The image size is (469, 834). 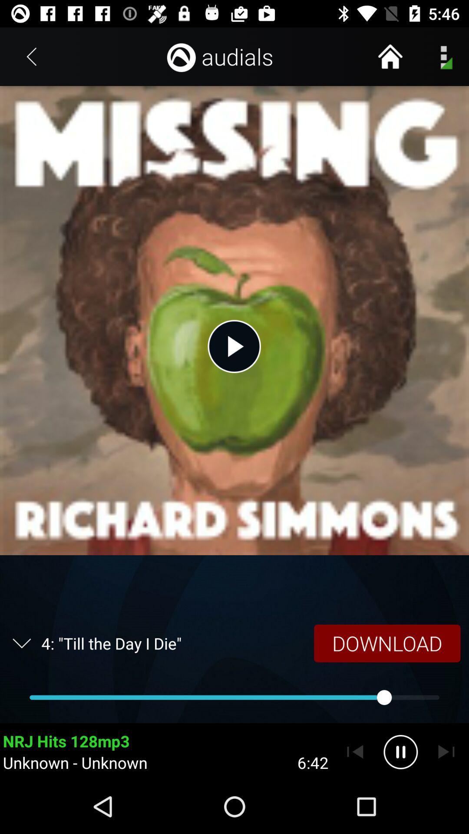 I want to click on home button, so click(x=390, y=56).